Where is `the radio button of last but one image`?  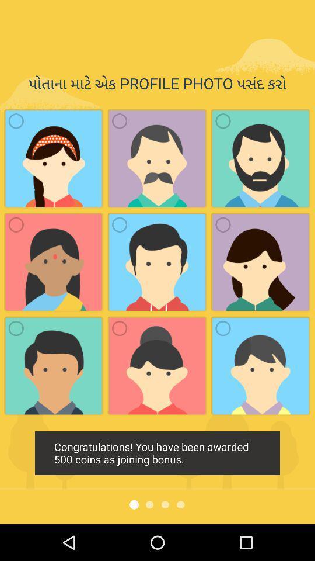 the radio button of last but one image is located at coordinates (118, 328).